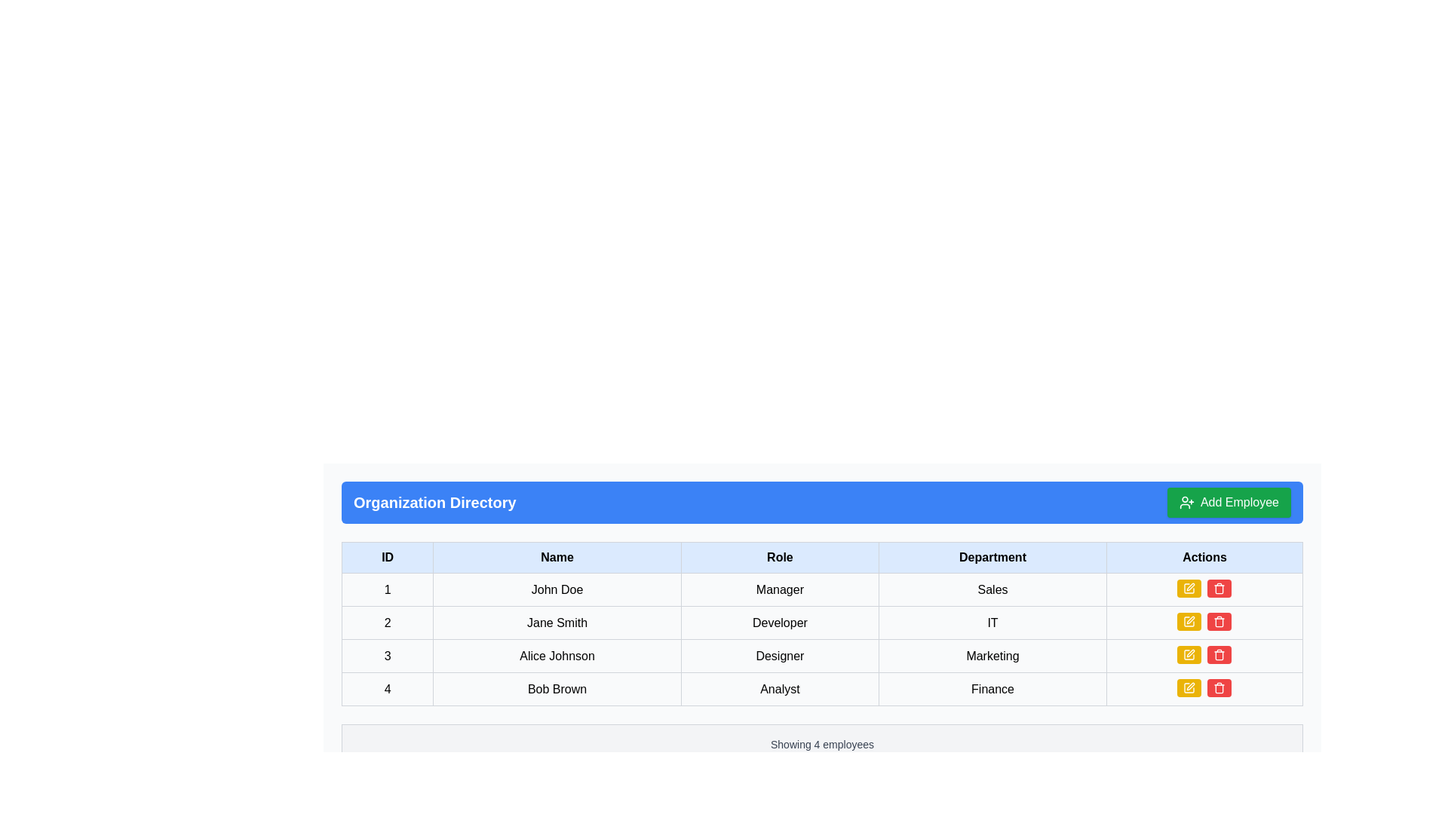 The height and width of the screenshot is (814, 1448). Describe the element at coordinates (1219, 587) in the screenshot. I see `the delete button with an icon located at the rightmost position in the 'Actions' column of the fourth row in the 'Organization Directory' table` at that location.